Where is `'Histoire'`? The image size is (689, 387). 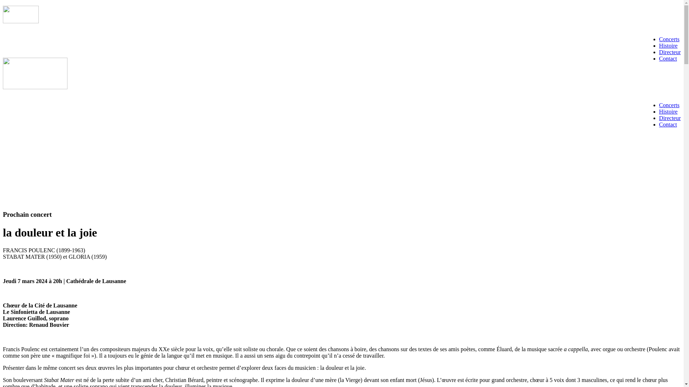 'Histoire' is located at coordinates (668, 111).